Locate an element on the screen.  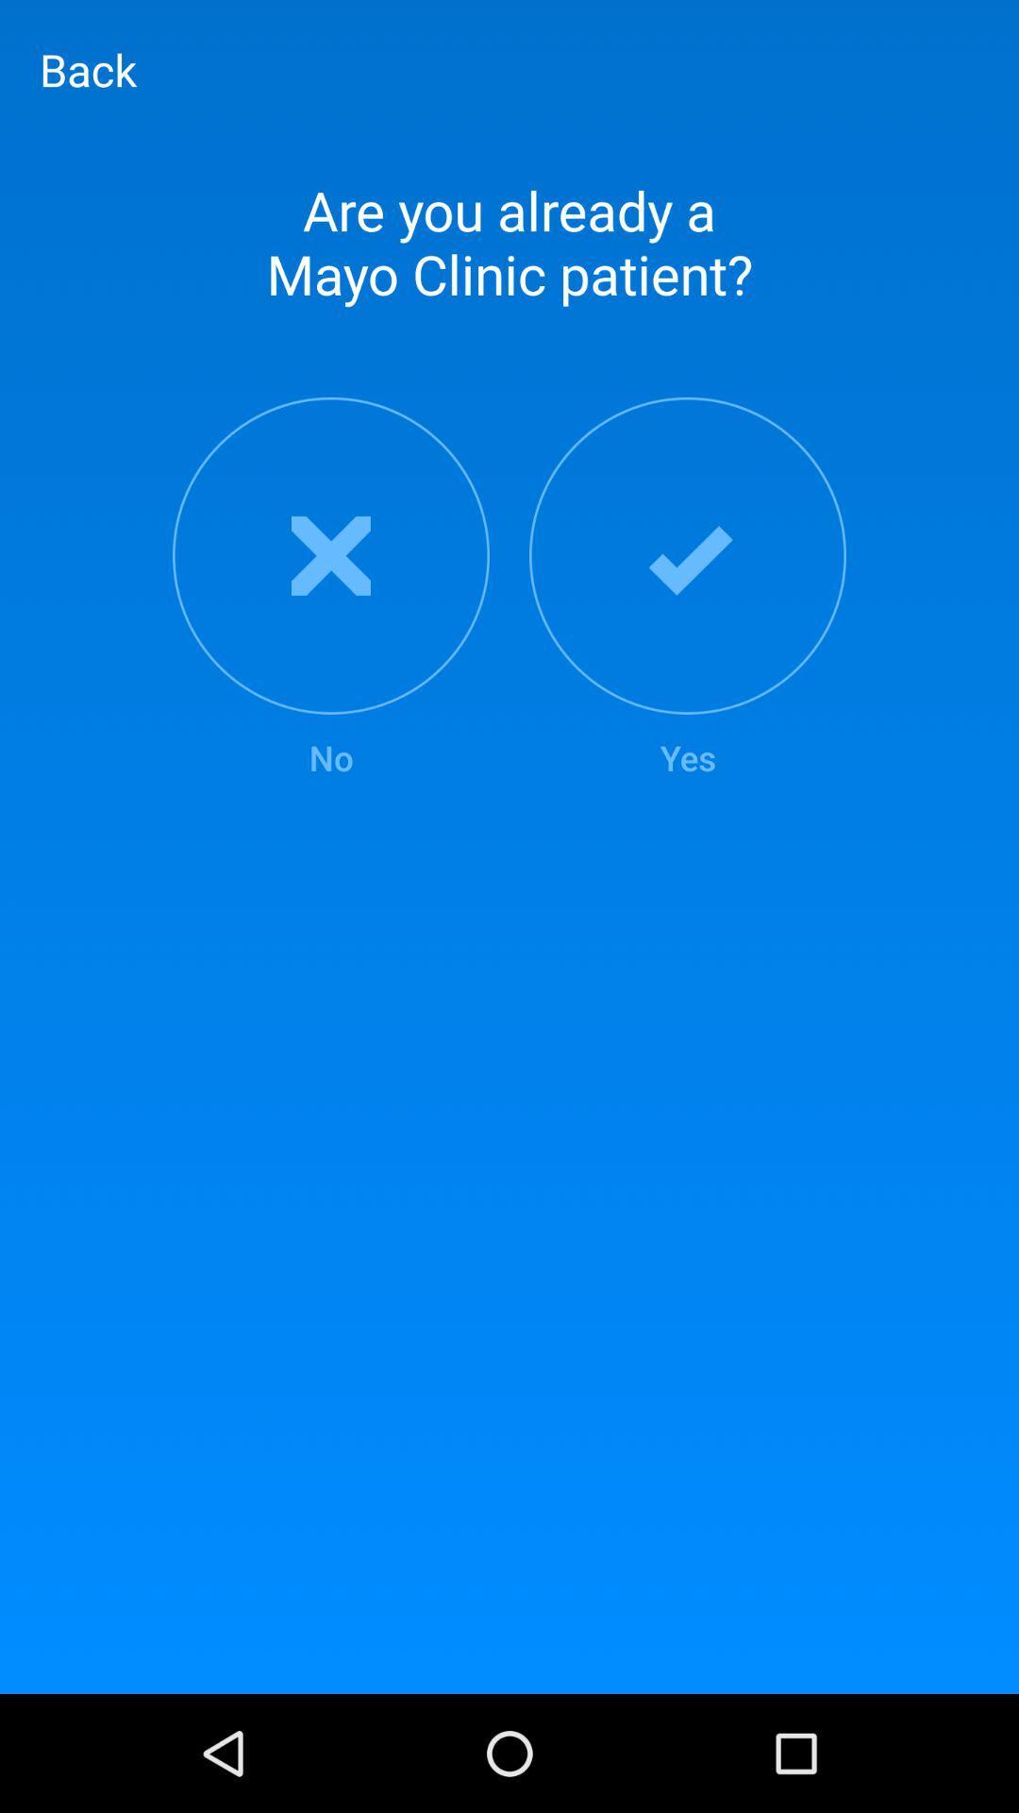
the icon to the right of the no item is located at coordinates (688, 588).